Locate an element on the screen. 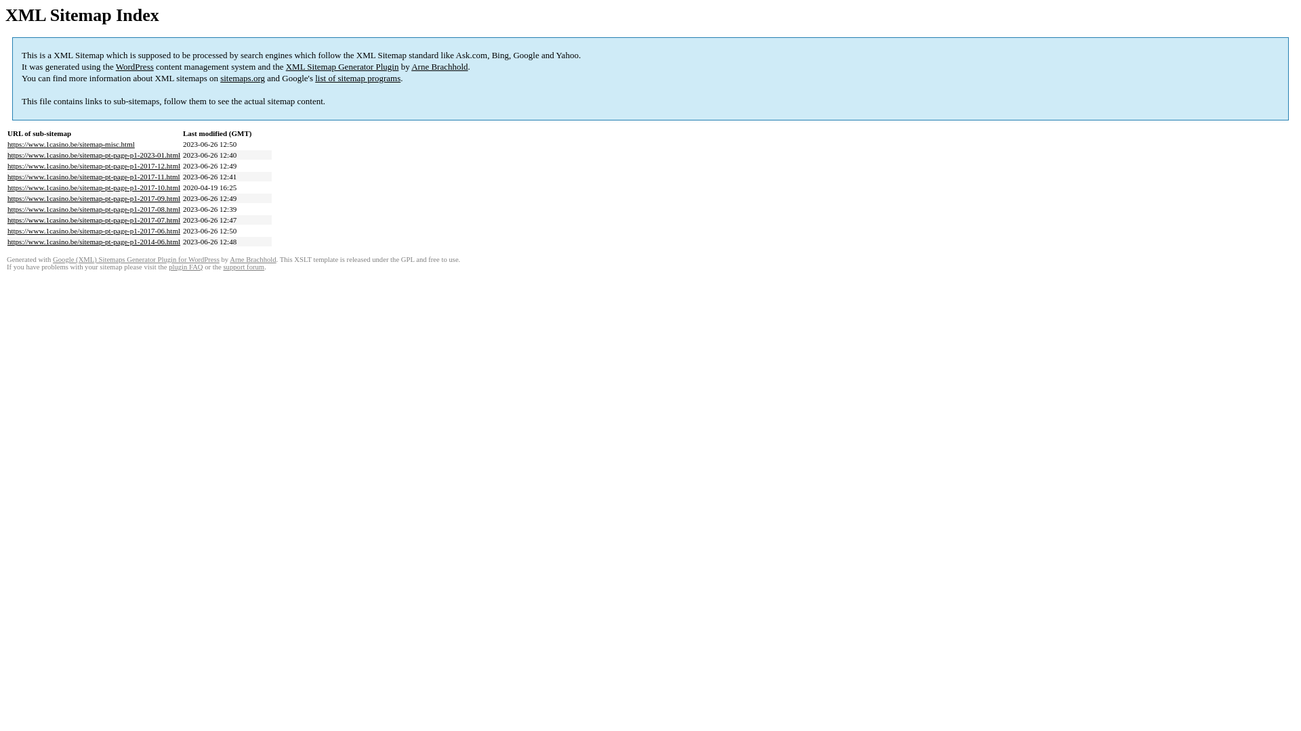 The height and width of the screenshot is (731, 1301). 'WordPress' is located at coordinates (134, 66).